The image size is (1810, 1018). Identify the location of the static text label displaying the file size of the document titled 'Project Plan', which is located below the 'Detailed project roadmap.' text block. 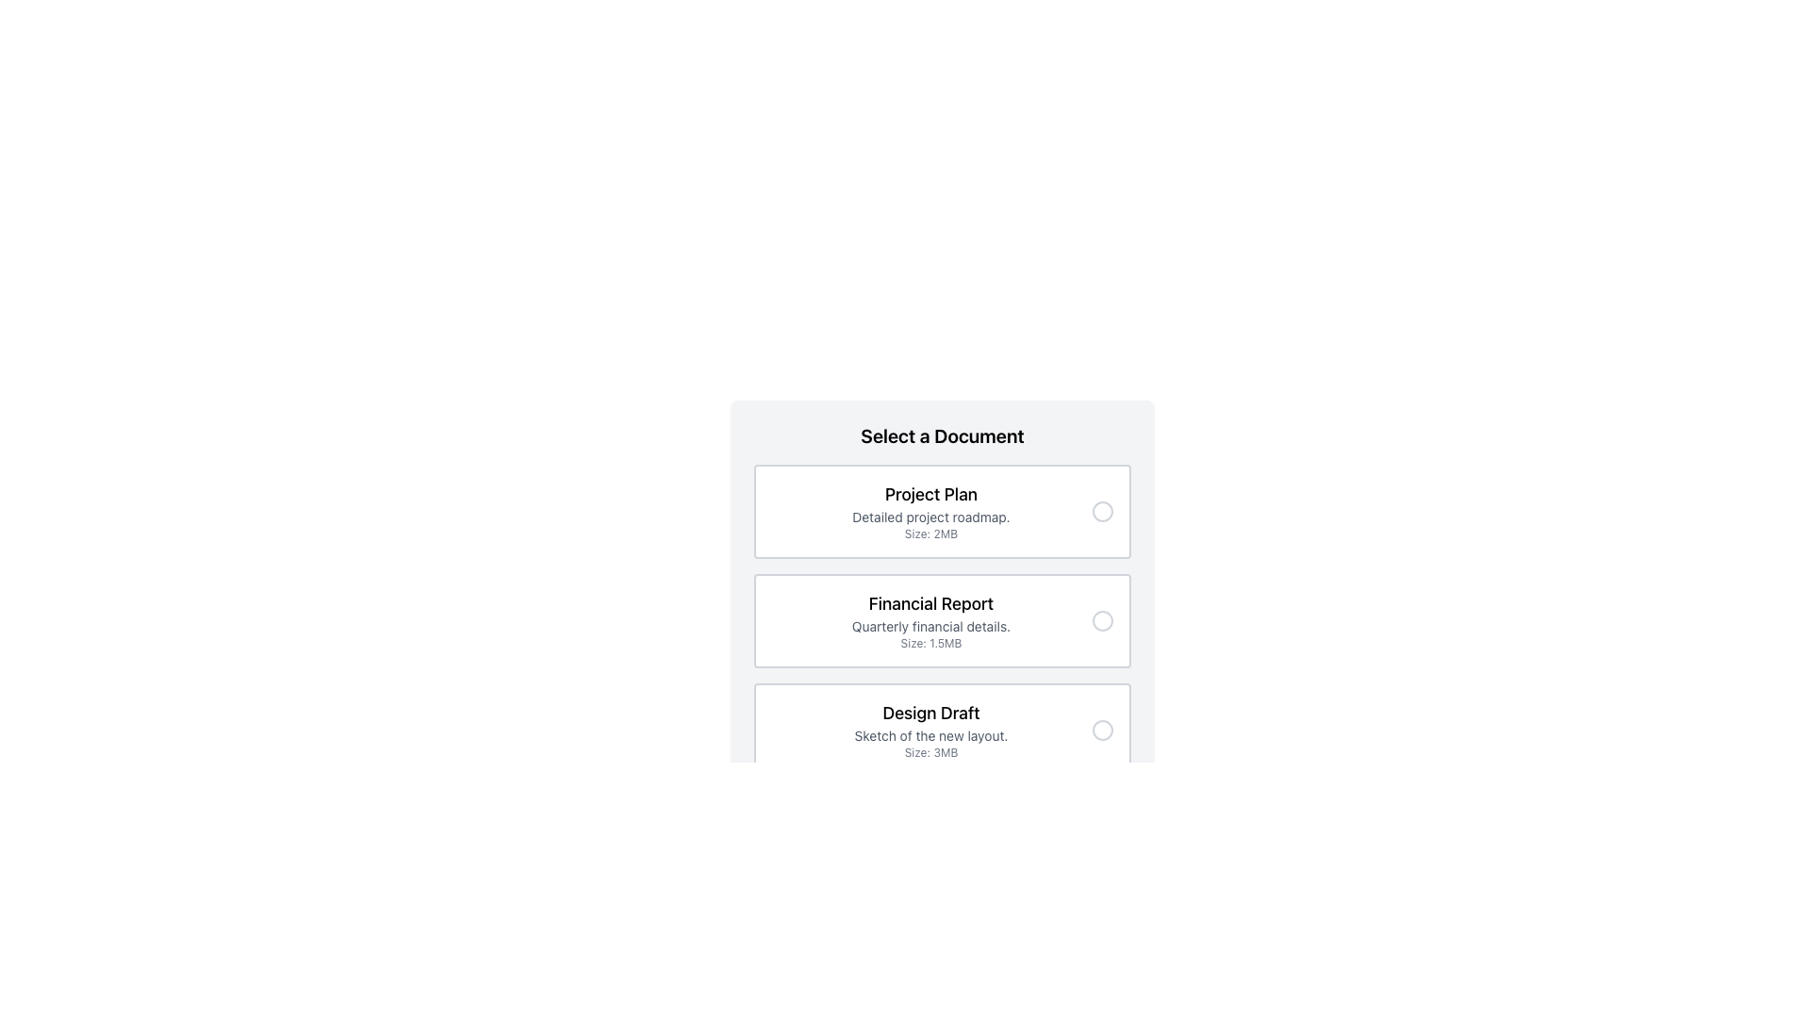
(931, 534).